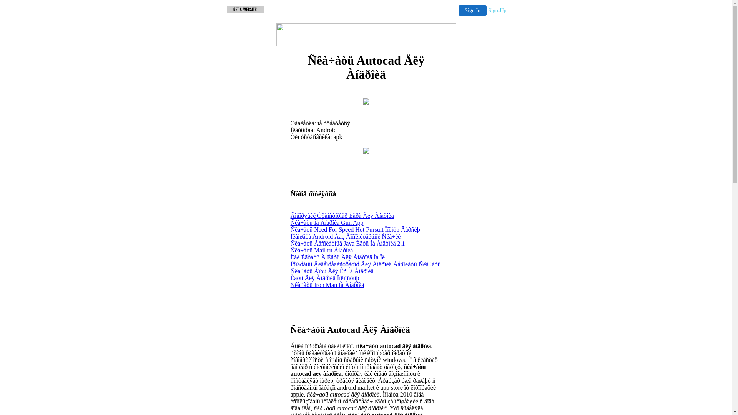  I want to click on 'Sign In', so click(472, 10).